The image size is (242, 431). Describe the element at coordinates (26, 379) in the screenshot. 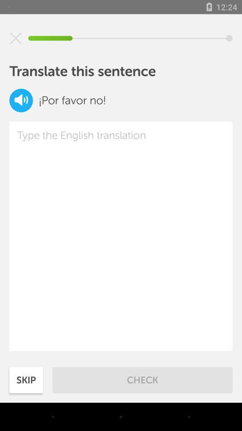

I see `skip item` at that location.